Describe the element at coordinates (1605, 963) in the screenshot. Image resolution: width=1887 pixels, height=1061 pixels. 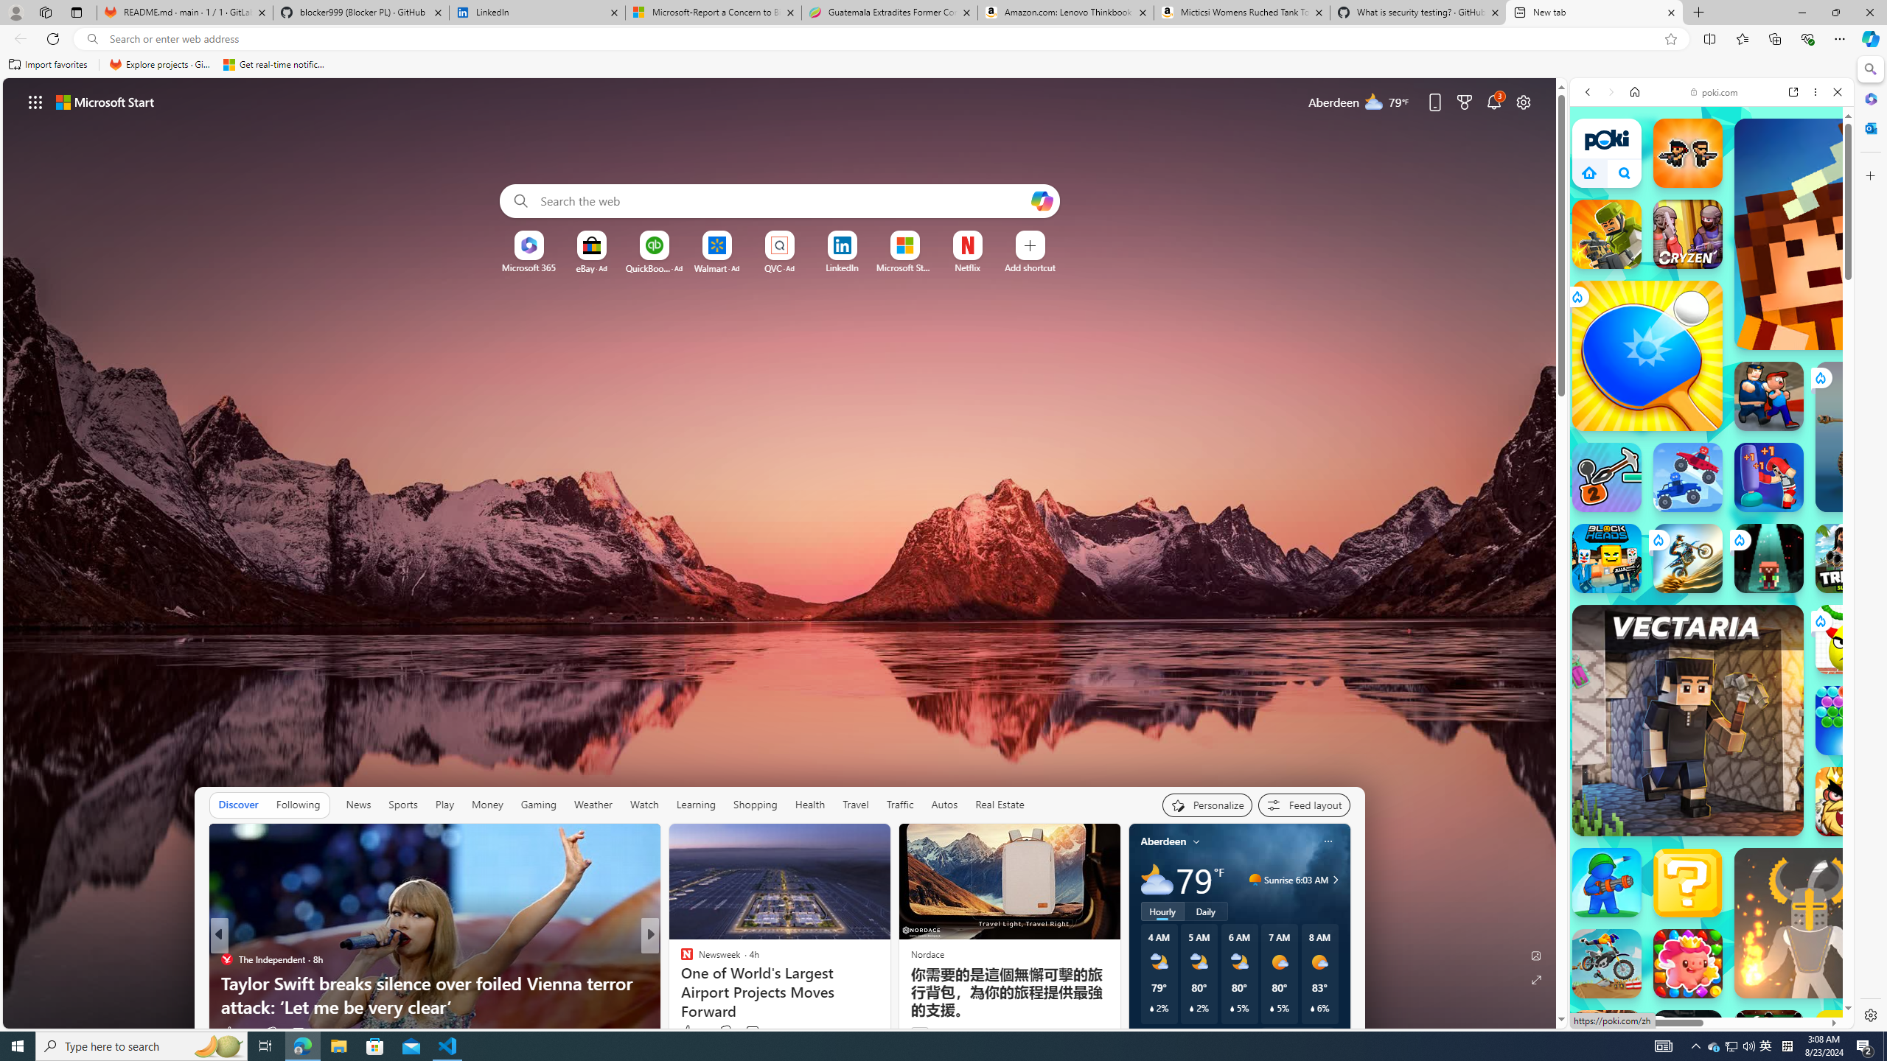
I see `'Crazy Bikes'` at that location.